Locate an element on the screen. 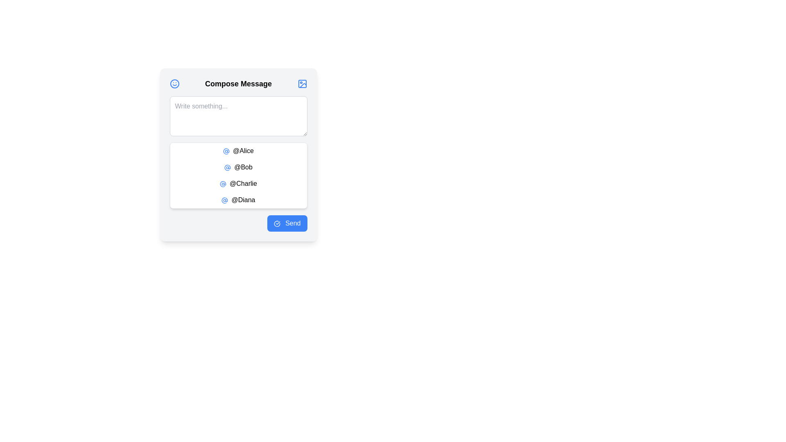 The image size is (786, 442). the circular graphical component which is the outermost circle of the smiley face icon located at the top left corner of the 'Compose Message' panel is located at coordinates (174, 83).